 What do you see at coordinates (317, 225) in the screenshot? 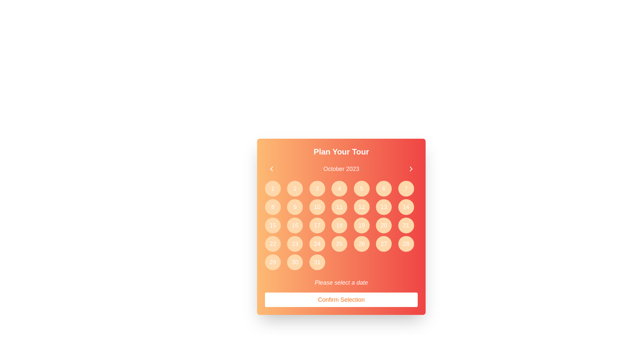
I see `the circular button labeled '17' in the calendar grid` at bounding box center [317, 225].